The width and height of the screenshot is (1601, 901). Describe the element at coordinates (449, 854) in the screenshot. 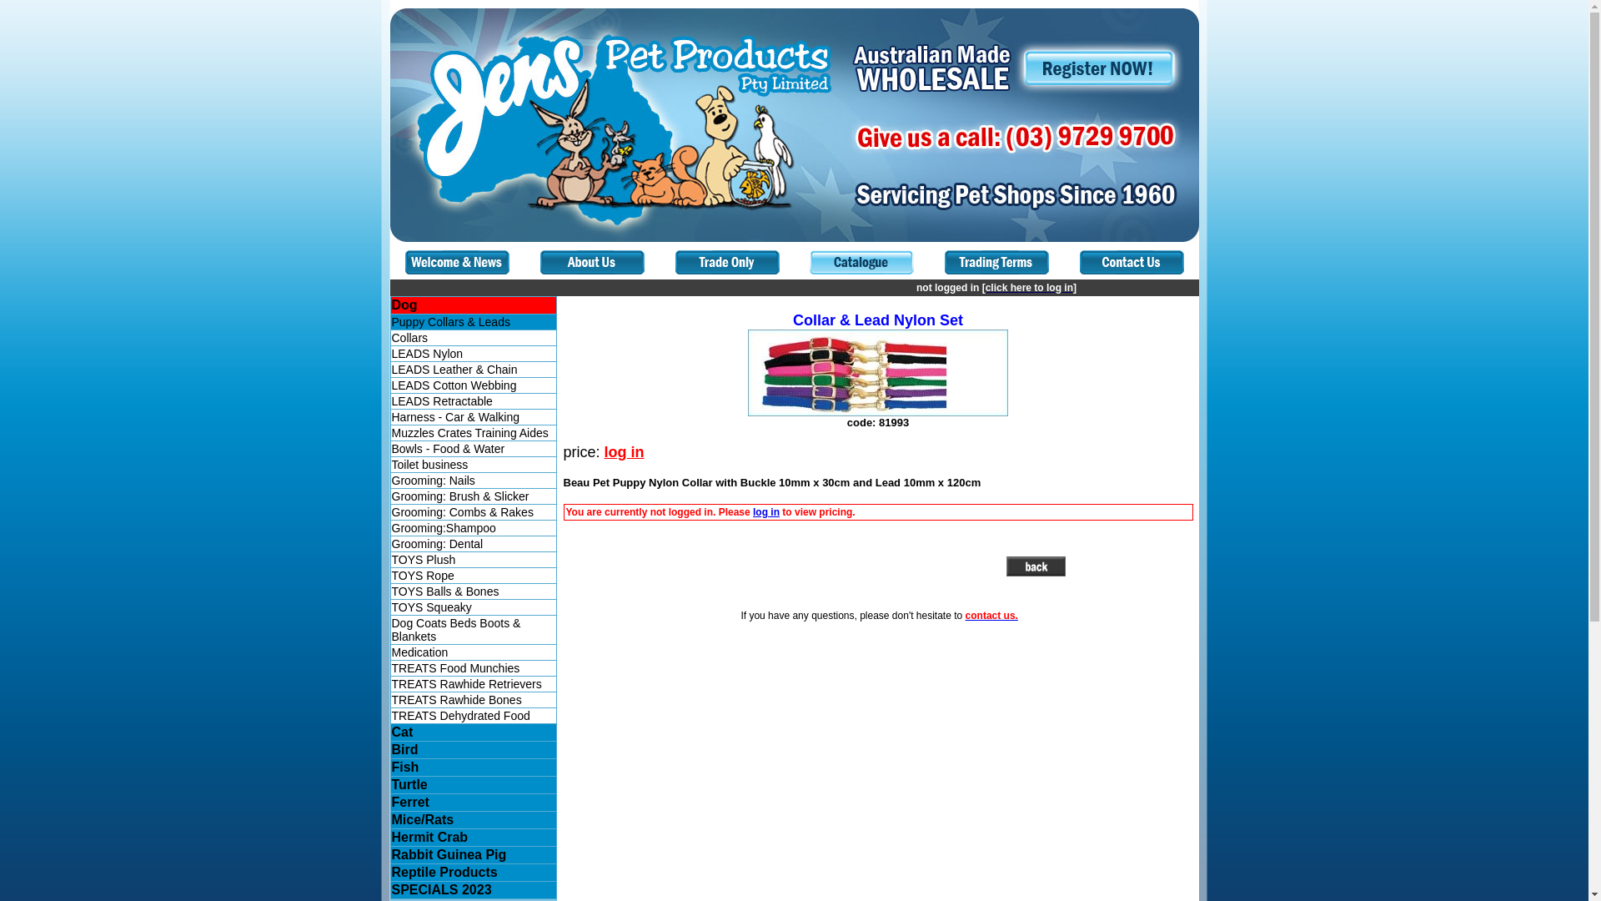

I see `'Rabbit Guinea Pig'` at that location.